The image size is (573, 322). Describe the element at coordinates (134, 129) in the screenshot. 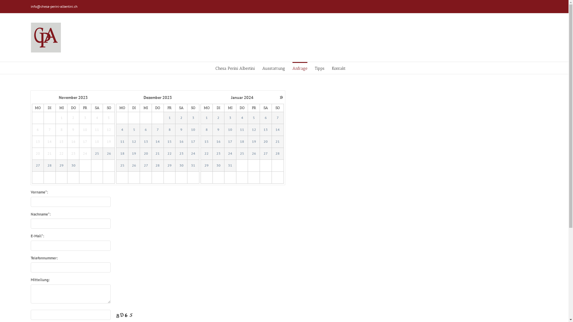

I see `'5'` at that location.